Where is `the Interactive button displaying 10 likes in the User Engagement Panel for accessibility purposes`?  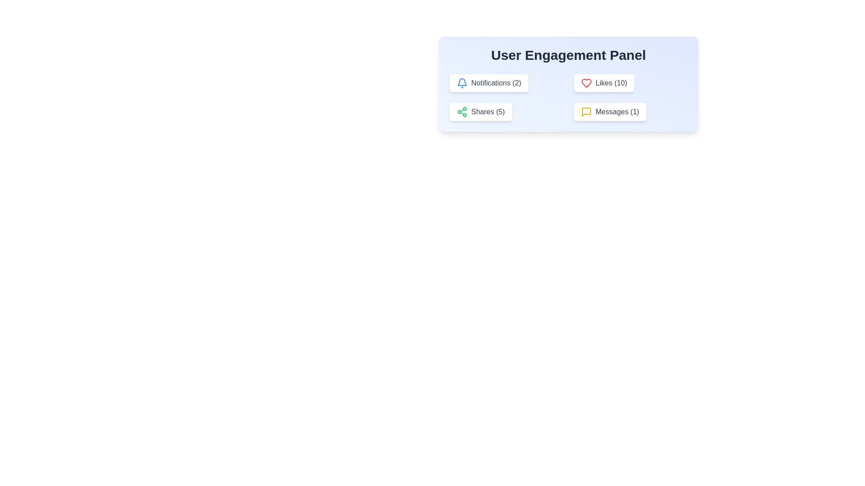 the Interactive button displaying 10 likes in the User Engagement Panel for accessibility purposes is located at coordinates (630, 83).